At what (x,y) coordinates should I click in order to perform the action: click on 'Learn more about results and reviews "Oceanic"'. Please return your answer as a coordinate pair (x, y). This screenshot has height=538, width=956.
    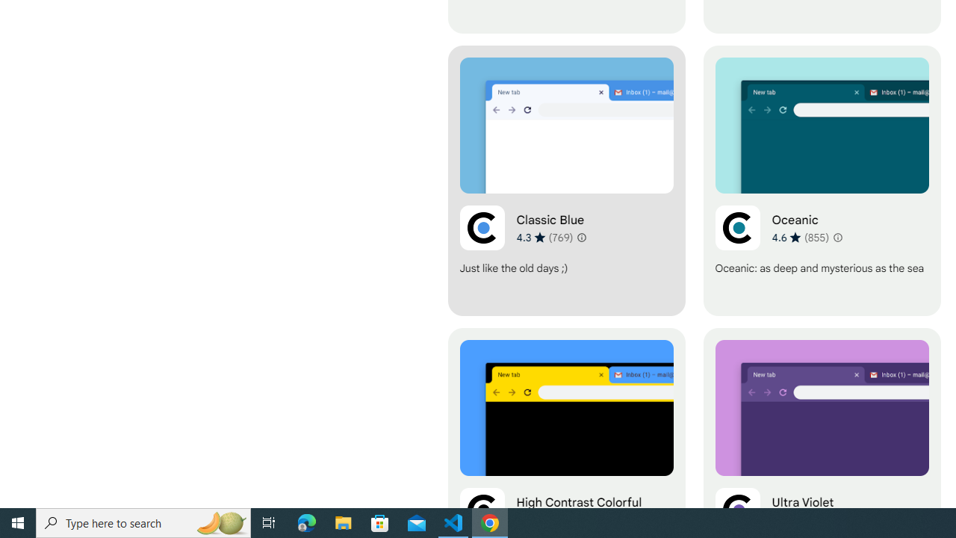
    Looking at the image, I should click on (836, 236).